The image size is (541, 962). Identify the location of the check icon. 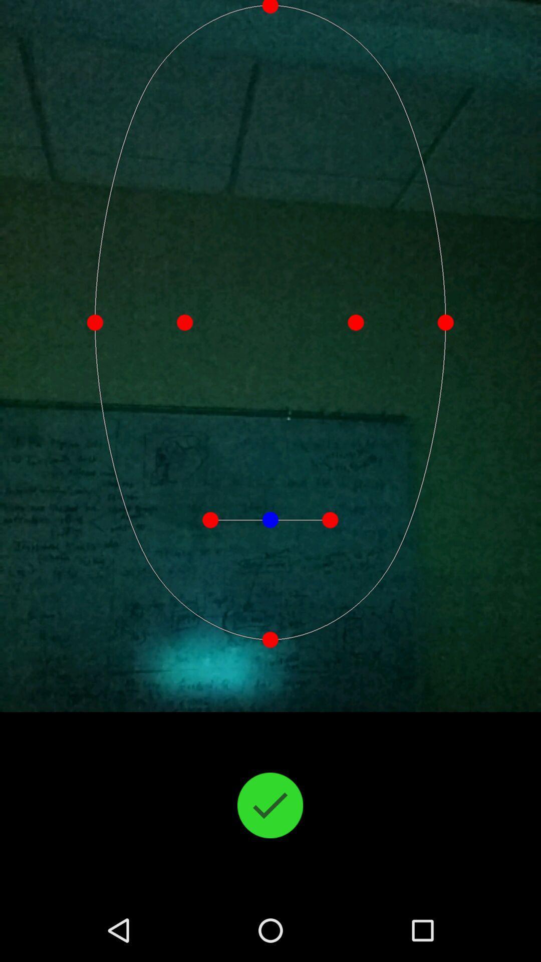
(269, 805).